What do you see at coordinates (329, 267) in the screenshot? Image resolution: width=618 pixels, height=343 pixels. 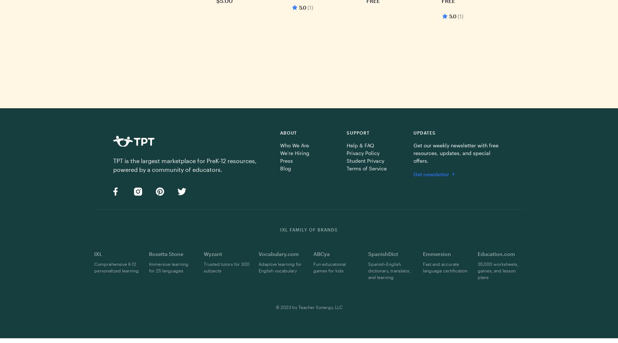 I see `'Fun educational games for kids'` at bounding box center [329, 267].